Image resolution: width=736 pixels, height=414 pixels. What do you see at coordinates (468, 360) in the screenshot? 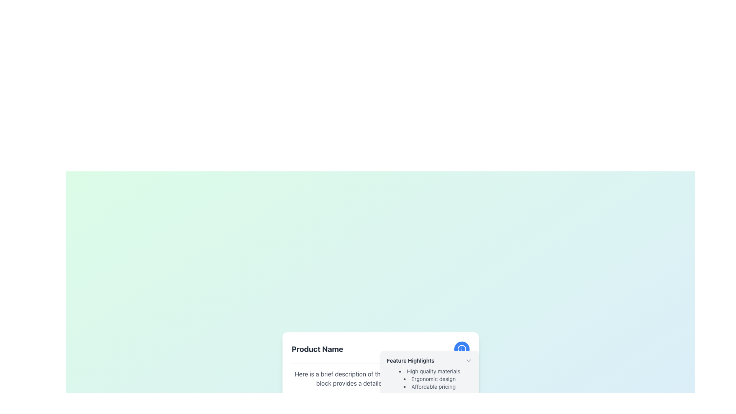
I see `the small, downward-oriented triangular icon` at bounding box center [468, 360].